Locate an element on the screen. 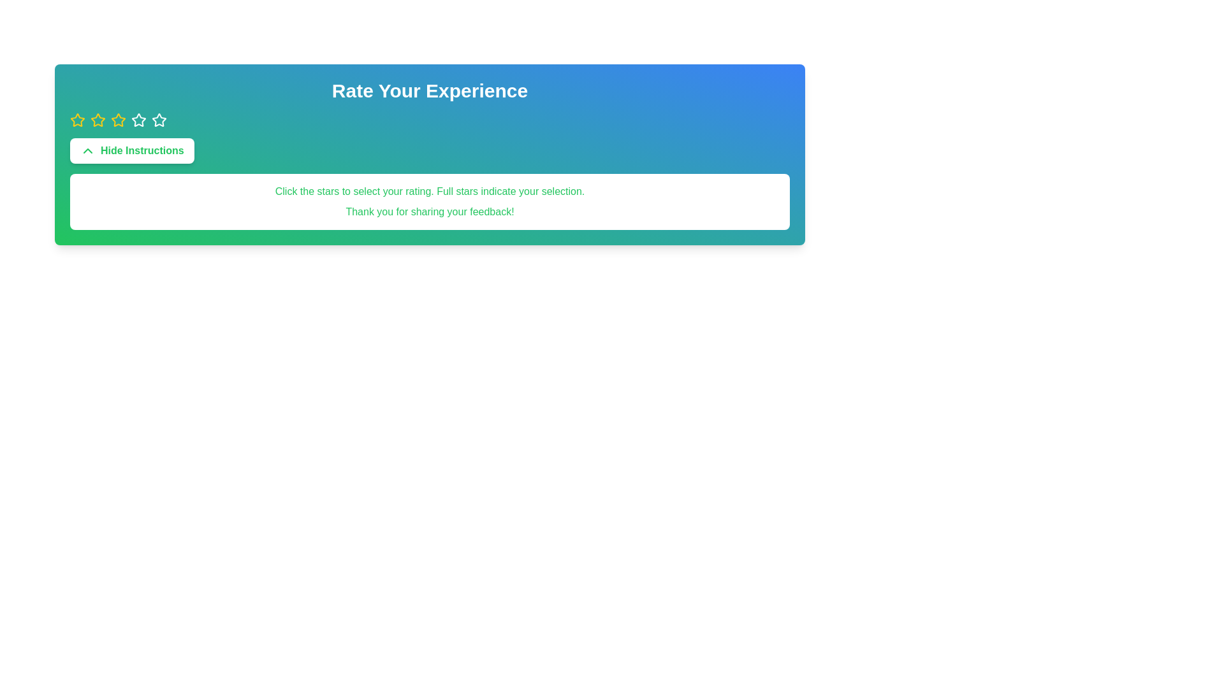  the first star-shaped icon button representing a rating star with a yellow outline is located at coordinates (76, 120).